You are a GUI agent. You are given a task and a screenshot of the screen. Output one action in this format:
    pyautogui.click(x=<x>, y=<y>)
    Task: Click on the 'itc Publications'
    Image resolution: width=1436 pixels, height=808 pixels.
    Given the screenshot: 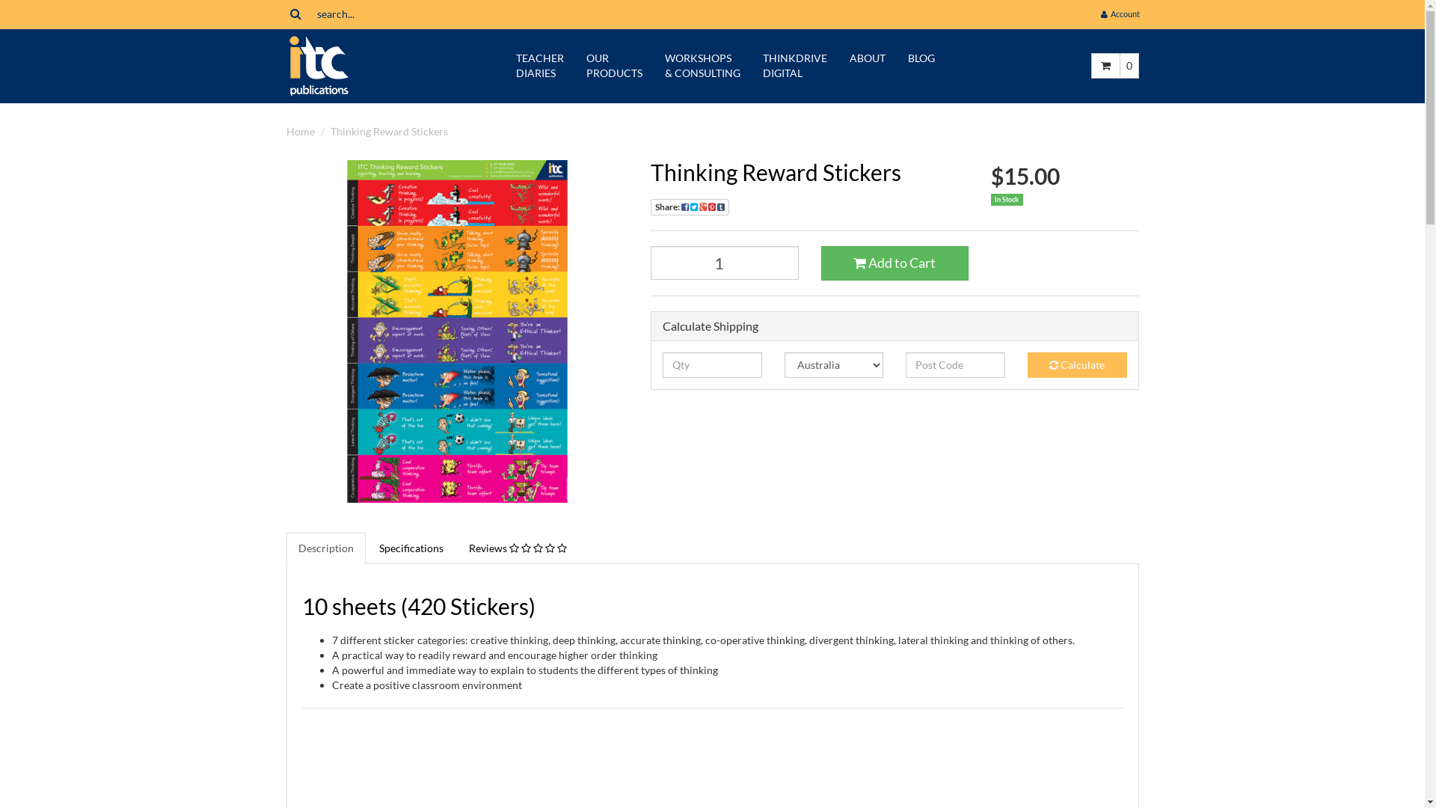 What is the action you would take?
    pyautogui.click(x=317, y=64)
    